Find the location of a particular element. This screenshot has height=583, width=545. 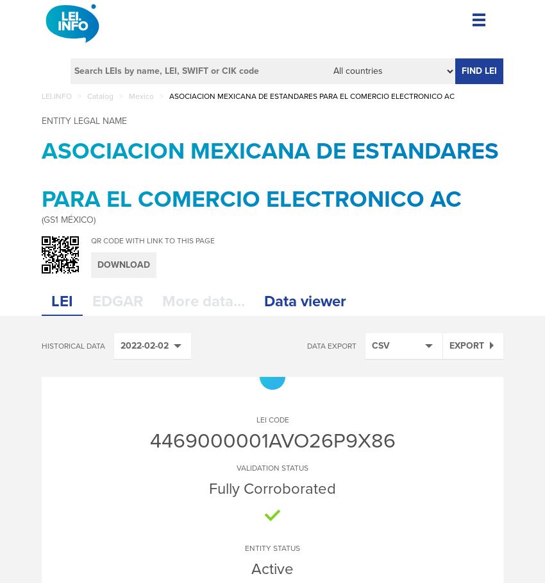

'LEI.INFO' is located at coordinates (56, 96).